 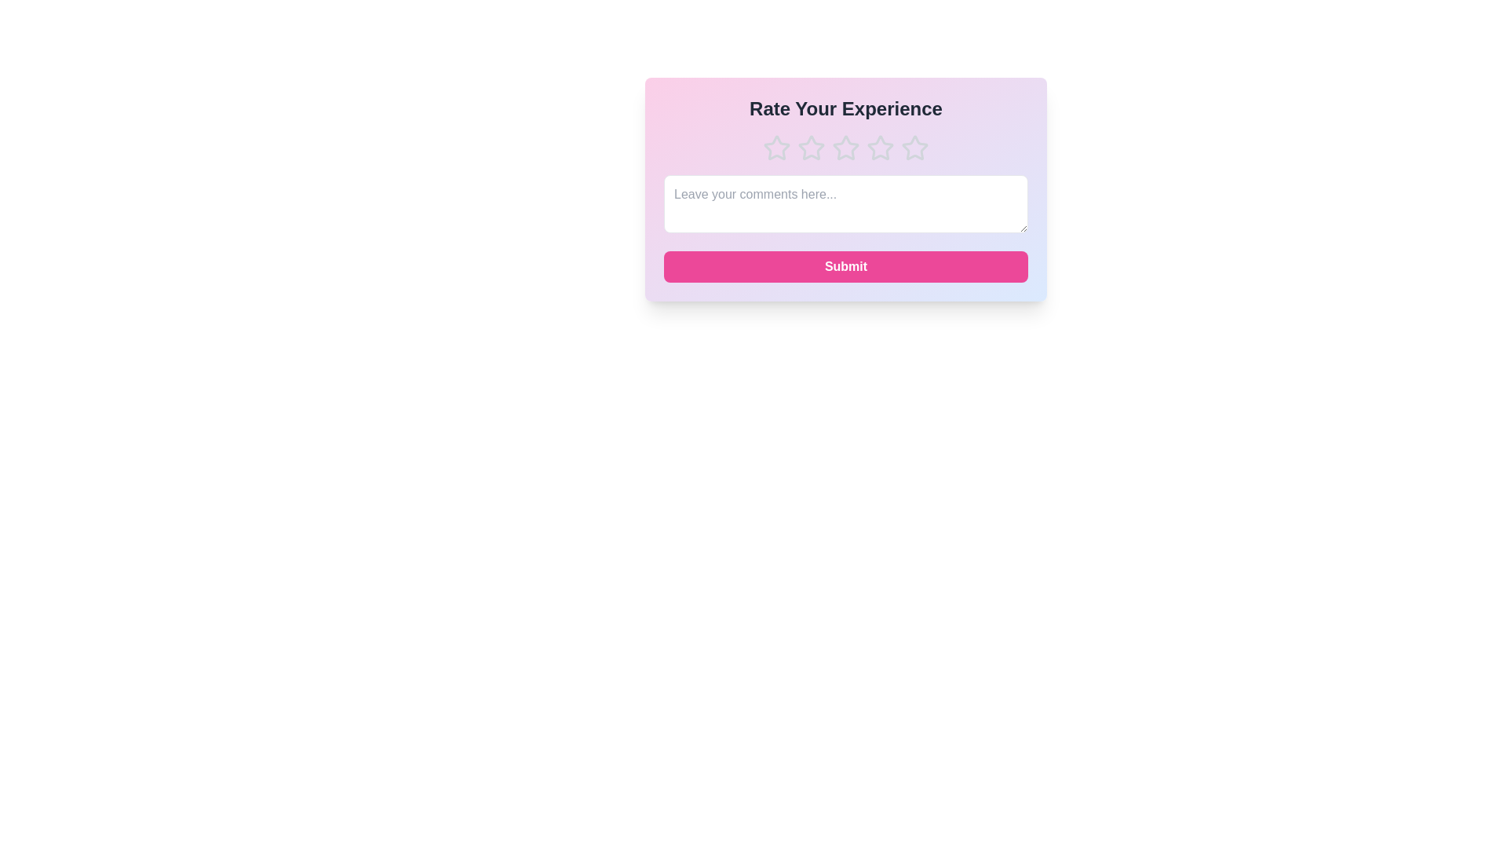 I want to click on the star corresponding to the rating 3 to set the experience rating, so click(x=845, y=148).